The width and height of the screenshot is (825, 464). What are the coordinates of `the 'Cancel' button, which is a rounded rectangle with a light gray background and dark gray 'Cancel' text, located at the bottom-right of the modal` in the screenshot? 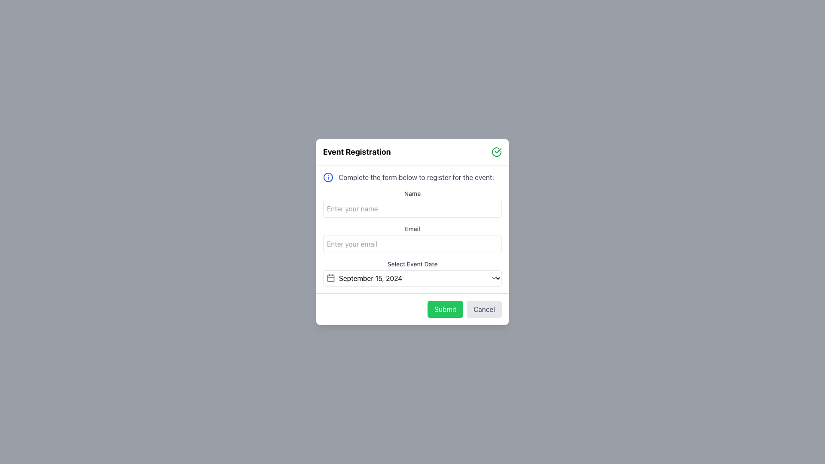 It's located at (484, 309).